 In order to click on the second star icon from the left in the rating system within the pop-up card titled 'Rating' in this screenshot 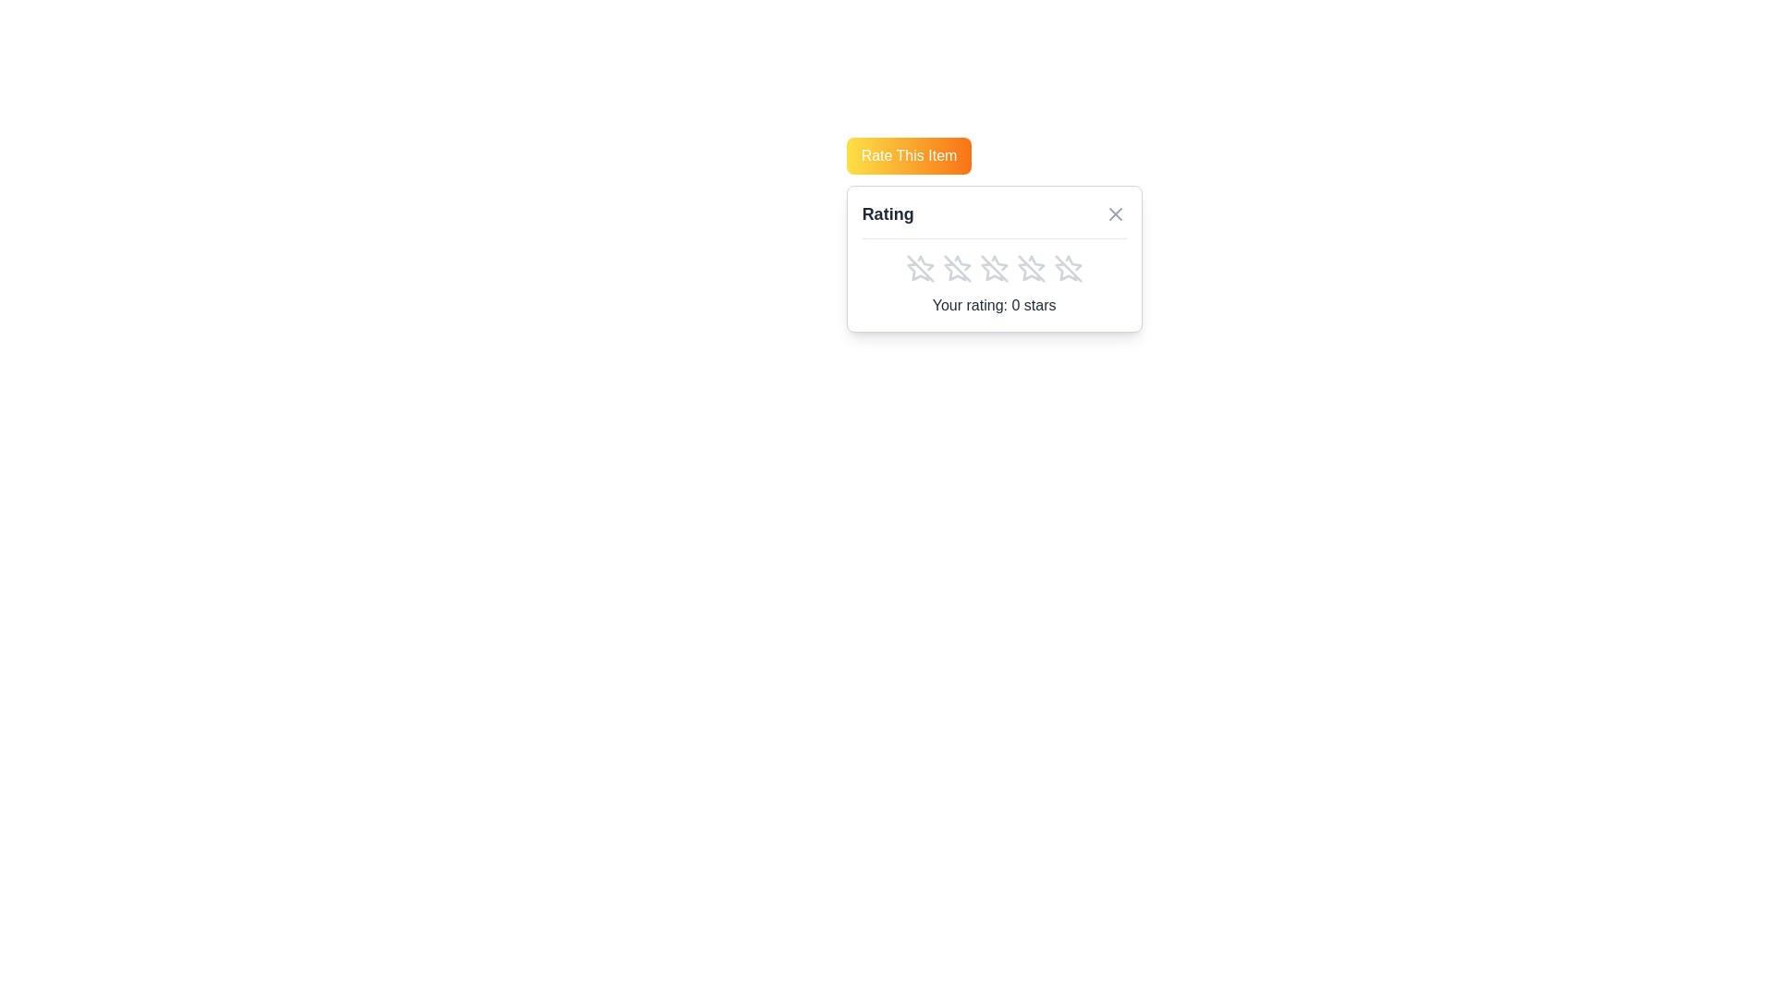, I will do `click(957, 268)`.